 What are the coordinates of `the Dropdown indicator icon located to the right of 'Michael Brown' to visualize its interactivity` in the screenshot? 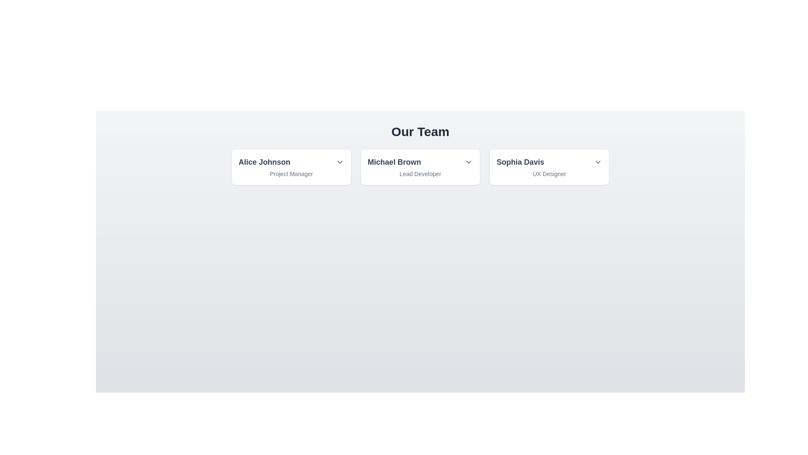 It's located at (468, 162).